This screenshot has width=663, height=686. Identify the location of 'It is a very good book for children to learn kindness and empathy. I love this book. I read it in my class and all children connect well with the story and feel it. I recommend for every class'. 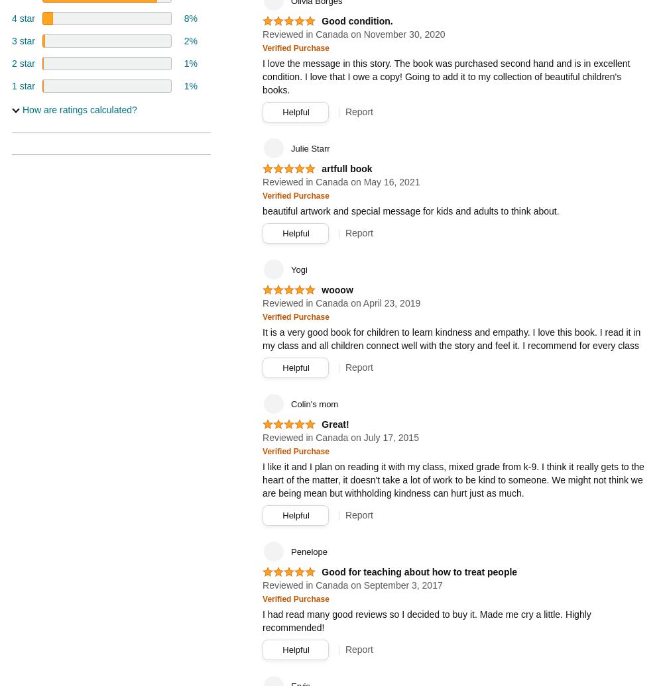
(452, 338).